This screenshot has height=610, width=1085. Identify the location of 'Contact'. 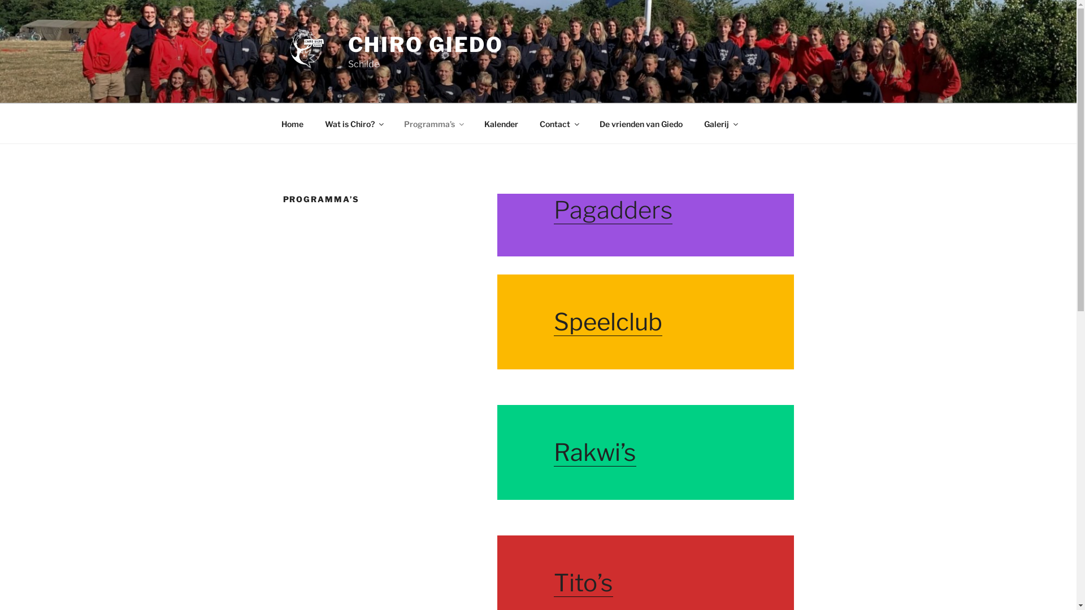
(559, 123).